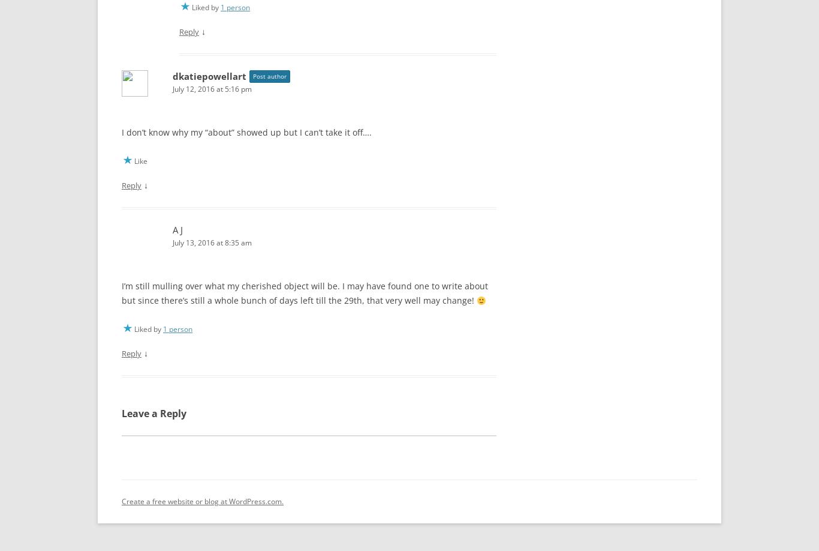  Describe the element at coordinates (209, 73) in the screenshot. I see `'dkatiepowellart'` at that location.